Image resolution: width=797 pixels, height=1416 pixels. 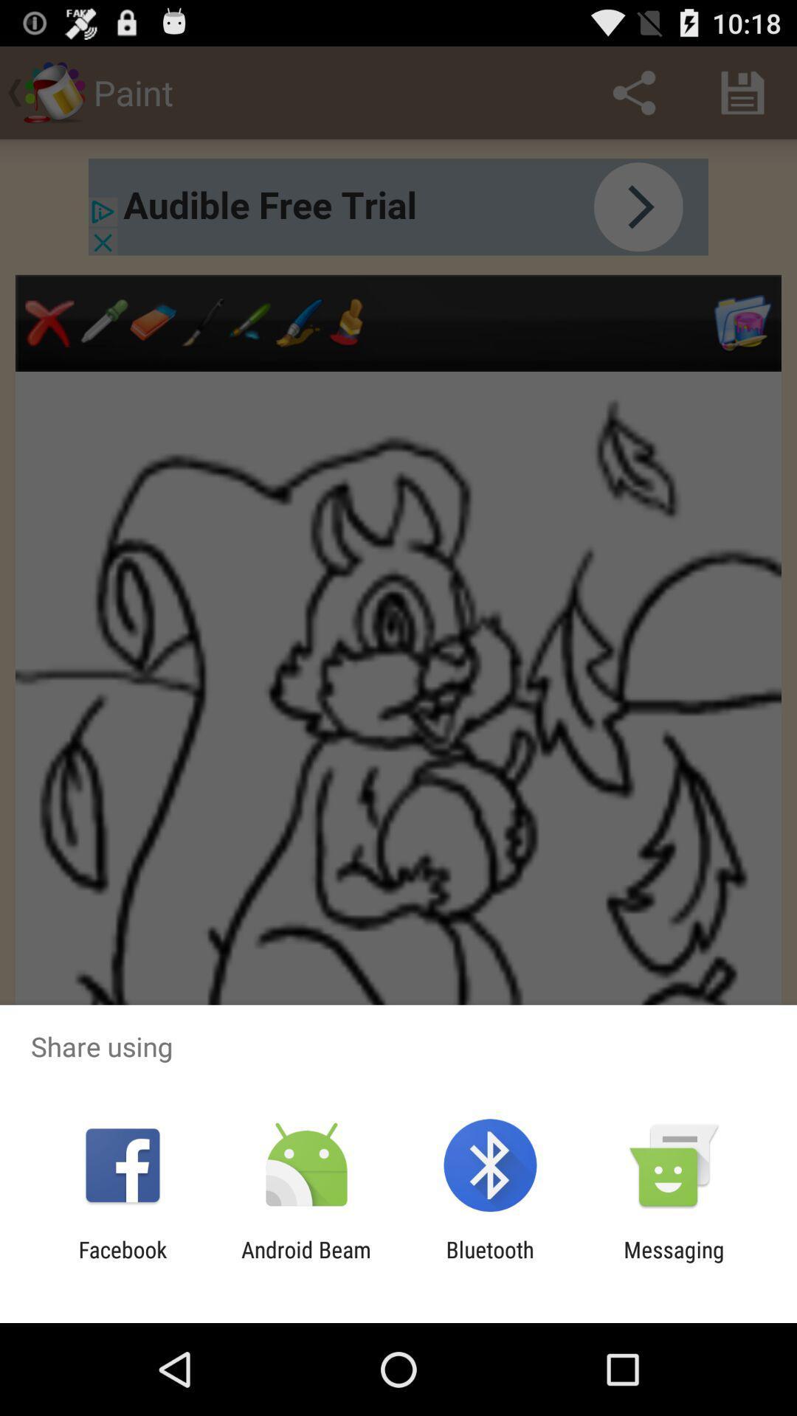 What do you see at coordinates (306, 1262) in the screenshot?
I see `the android beam app` at bounding box center [306, 1262].